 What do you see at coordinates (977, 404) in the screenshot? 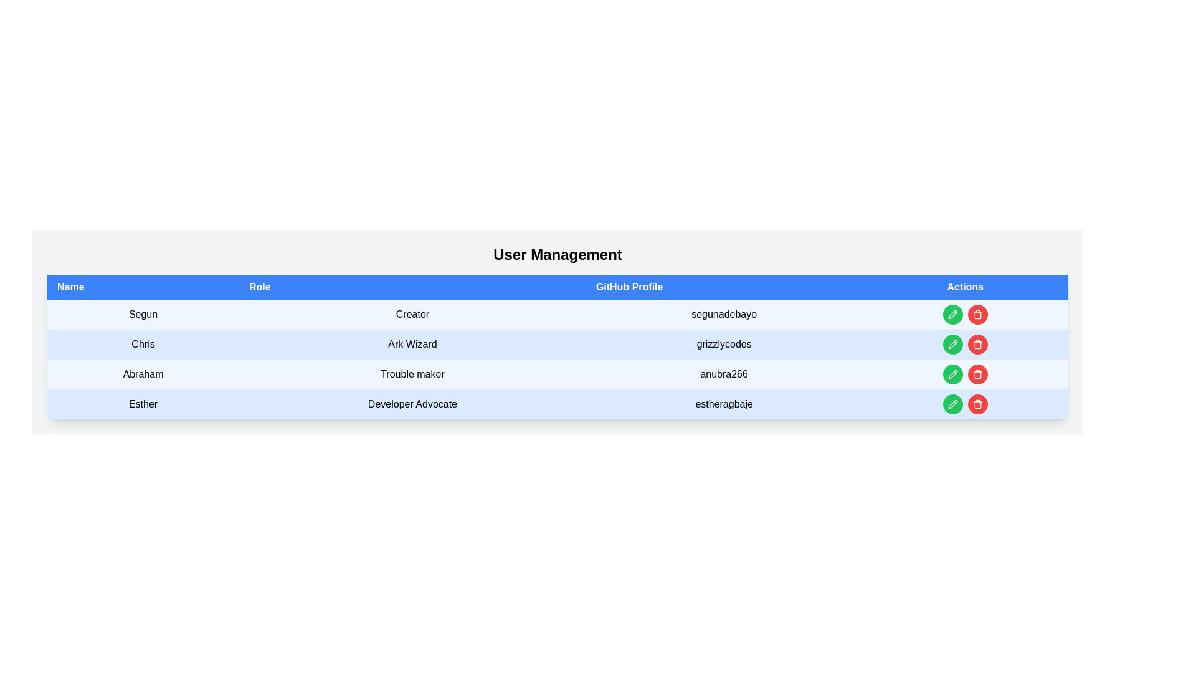
I see `the trash bin icon button located in the Actions column of the User Management table associated with the user 'Esther' to potentially display a tooltip` at bounding box center [977, 404].